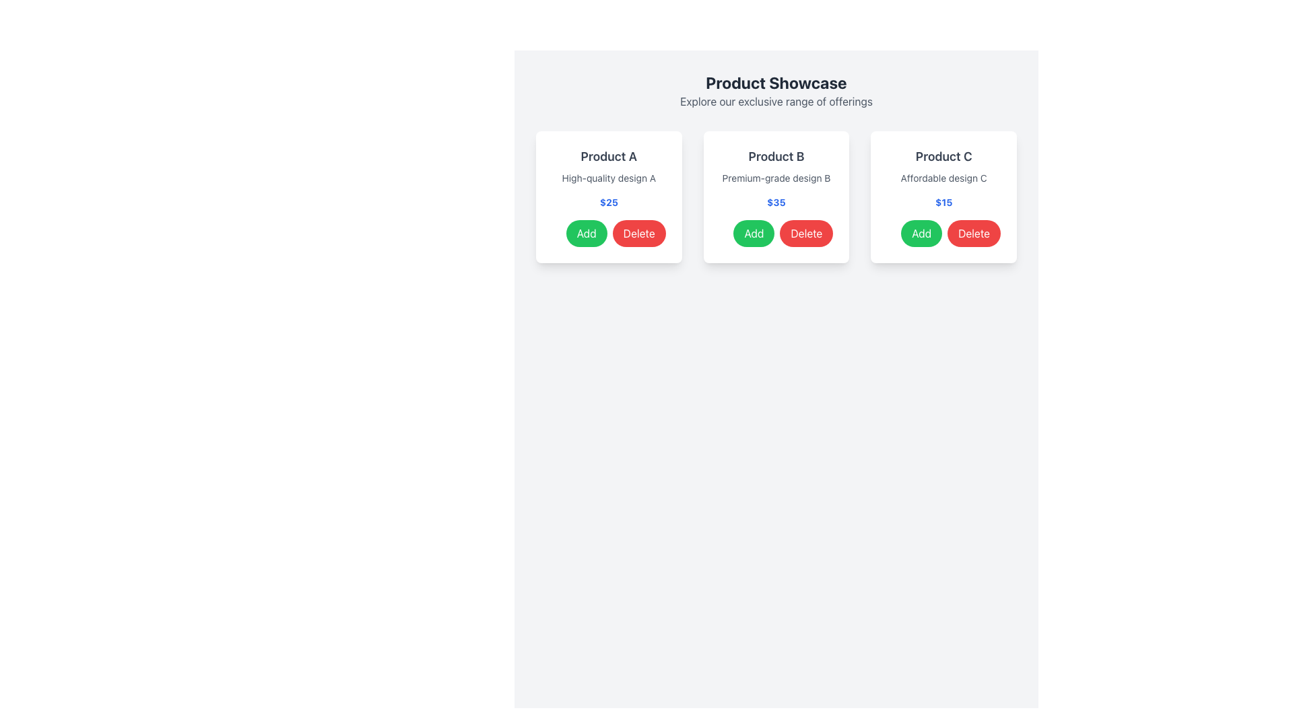 The width and height of the screenshot is (1293, 727). Describe the element at coordinates (943, 155) in the screenshot. I see `the text label displaying the product name 'Product C', which is styled in bold dark gray and positioned at the top of the product details card` at that location.